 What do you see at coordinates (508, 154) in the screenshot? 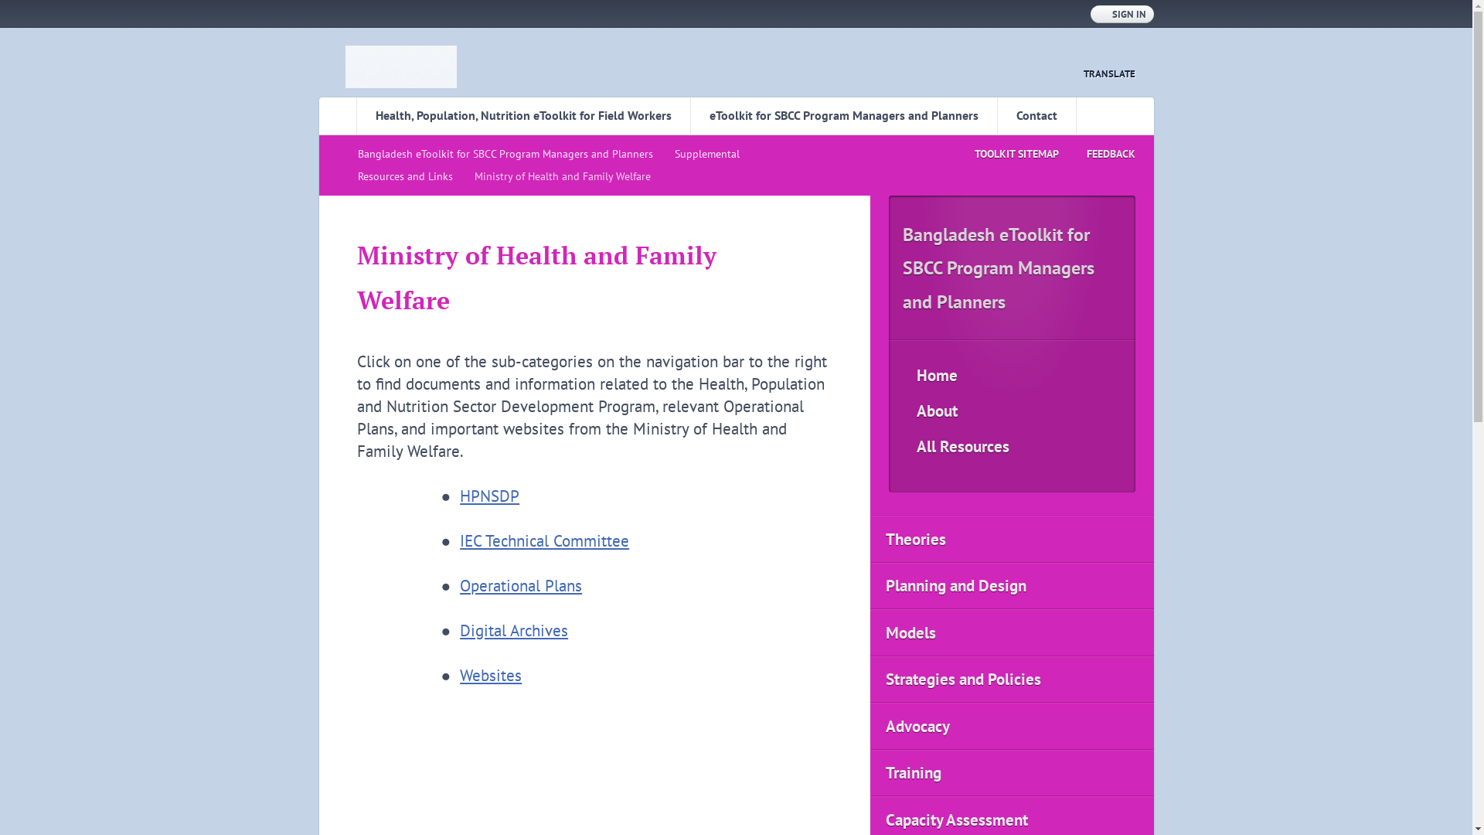
I see `'Bangladesh eToolkit for SBCC Program Managers and Planners'` at bounding box center [508, 154].